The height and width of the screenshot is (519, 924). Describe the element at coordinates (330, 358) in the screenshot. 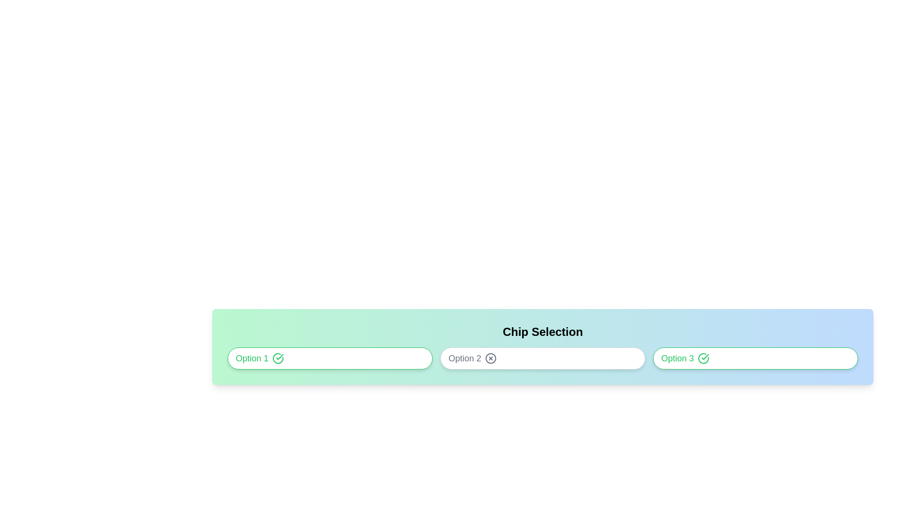

I see `the chip labeled Option 1` at that location.